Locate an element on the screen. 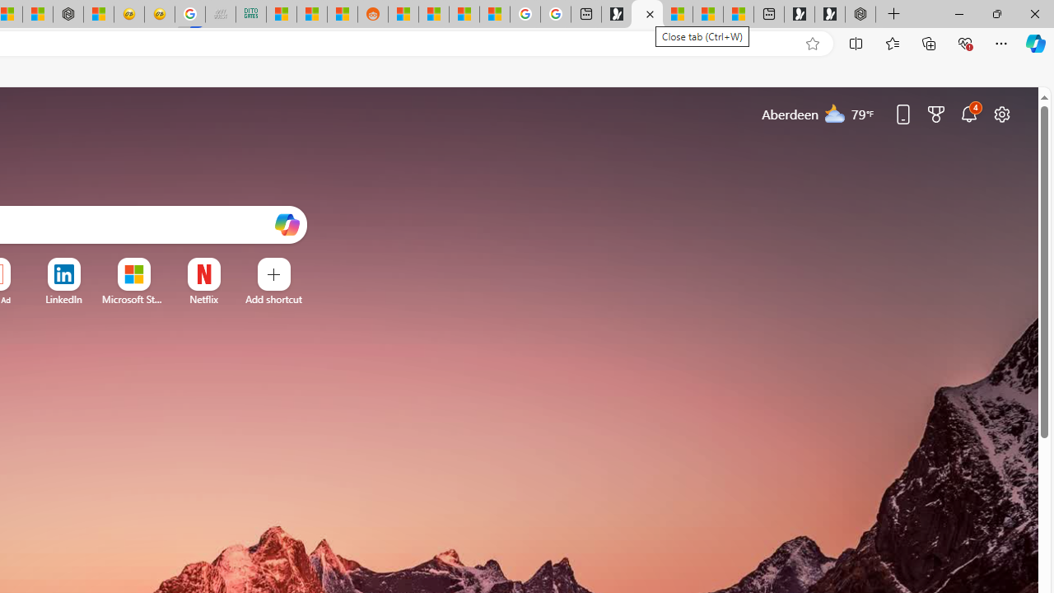  'LinkedIn' is located at coordinates (63, 299).